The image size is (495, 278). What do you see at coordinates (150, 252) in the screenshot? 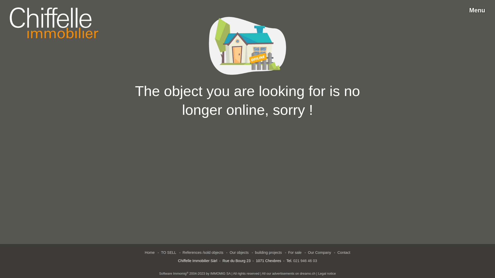
I see `'Home'` at bounding box center [150, 252].